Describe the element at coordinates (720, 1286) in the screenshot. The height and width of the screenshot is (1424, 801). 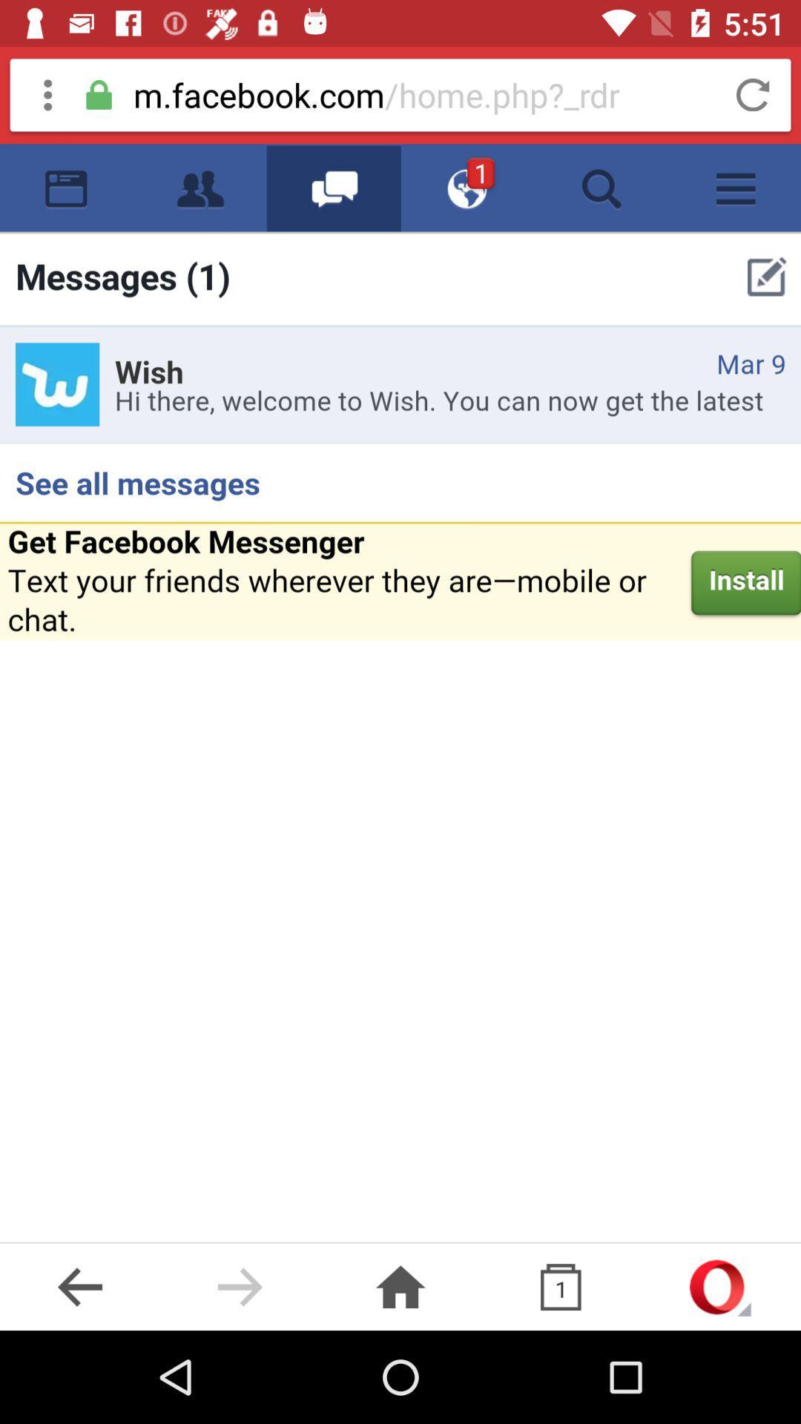
I see `the arrow_upward icon` at that location.